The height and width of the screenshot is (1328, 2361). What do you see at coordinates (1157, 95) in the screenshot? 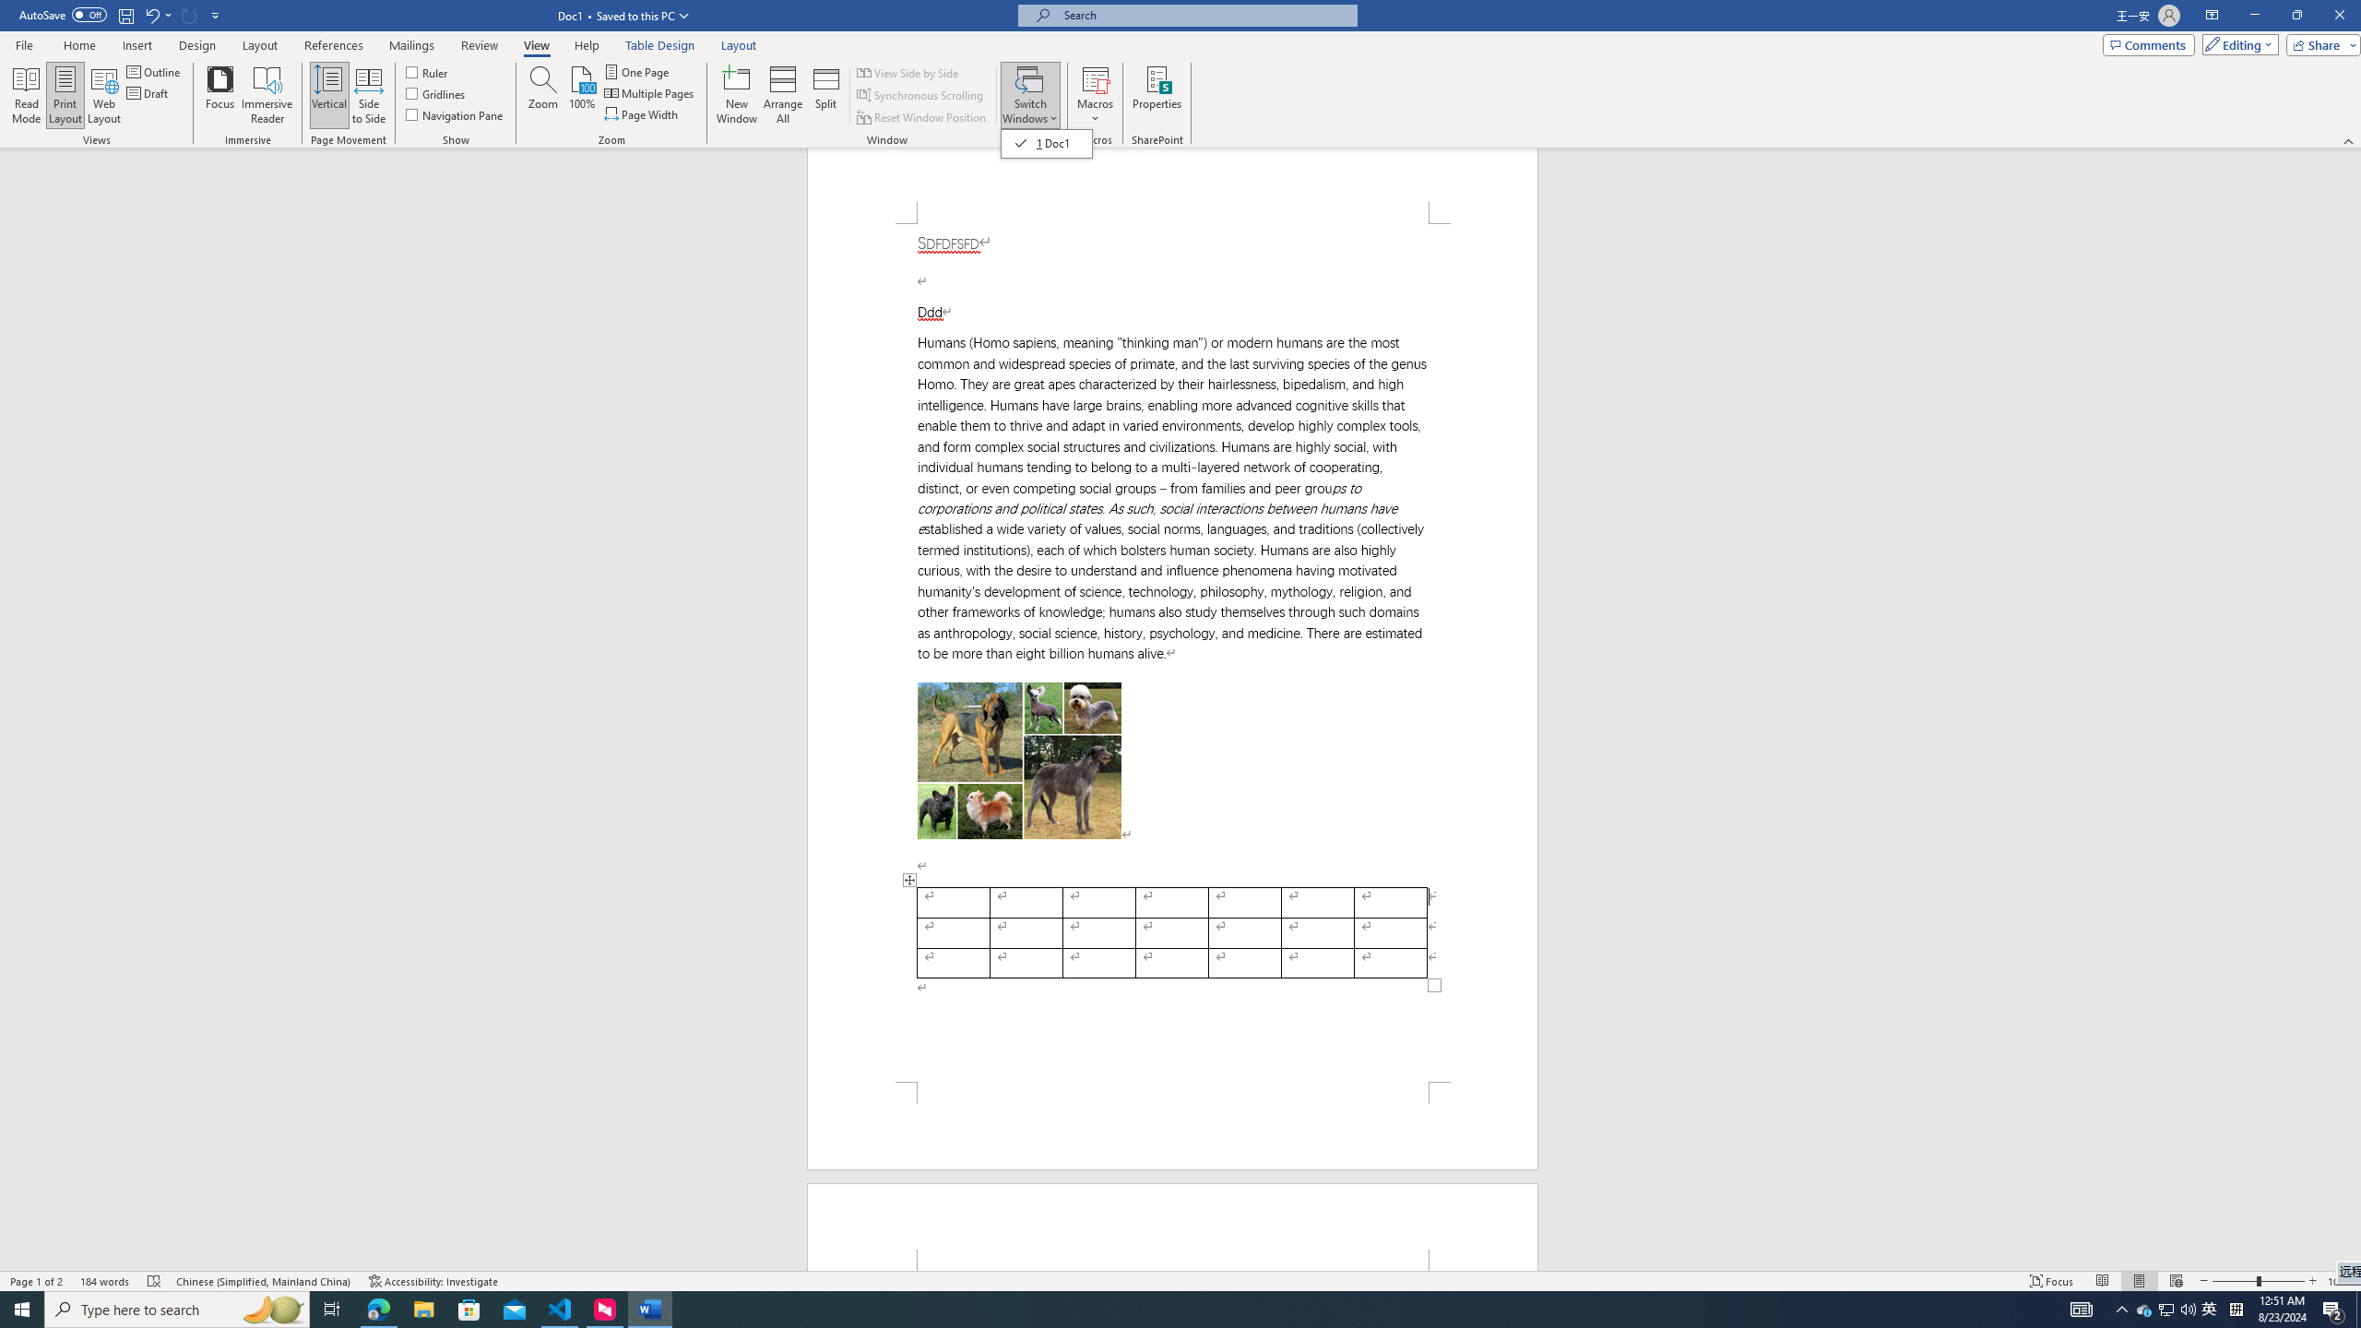
I see `'Properties'` at bounding box center [1157, 95].